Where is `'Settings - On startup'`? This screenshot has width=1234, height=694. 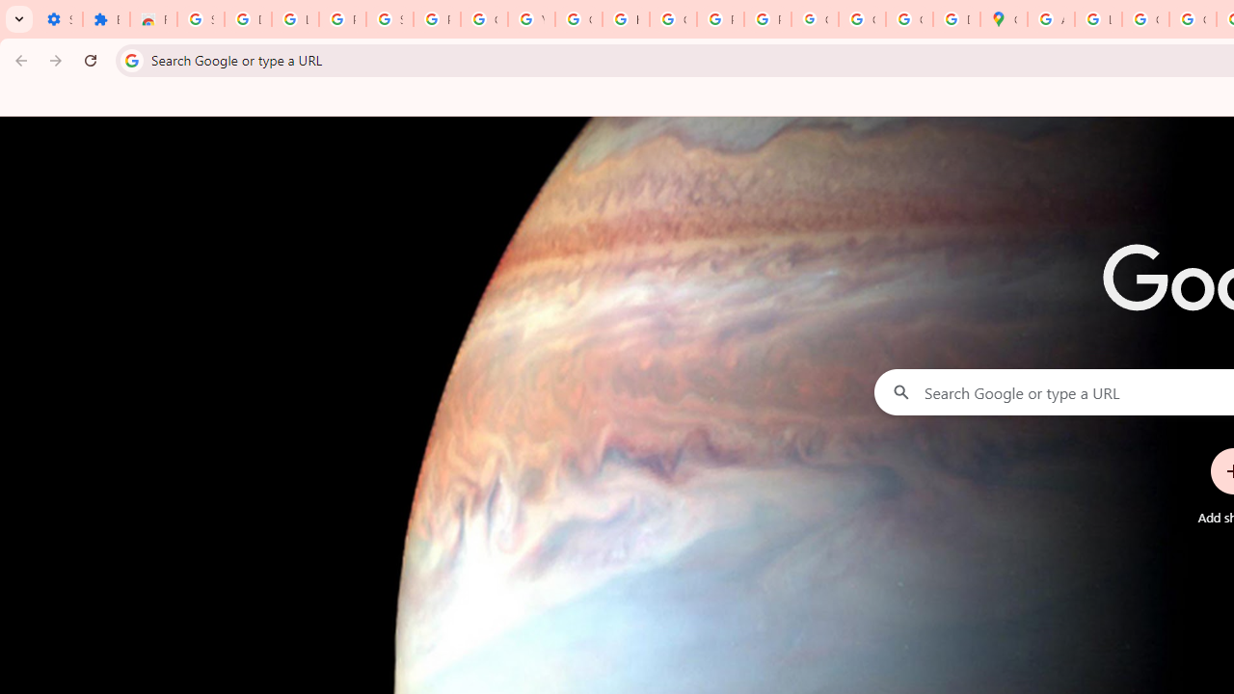 'Settings - On startup' is located at coordinates (59, 19).